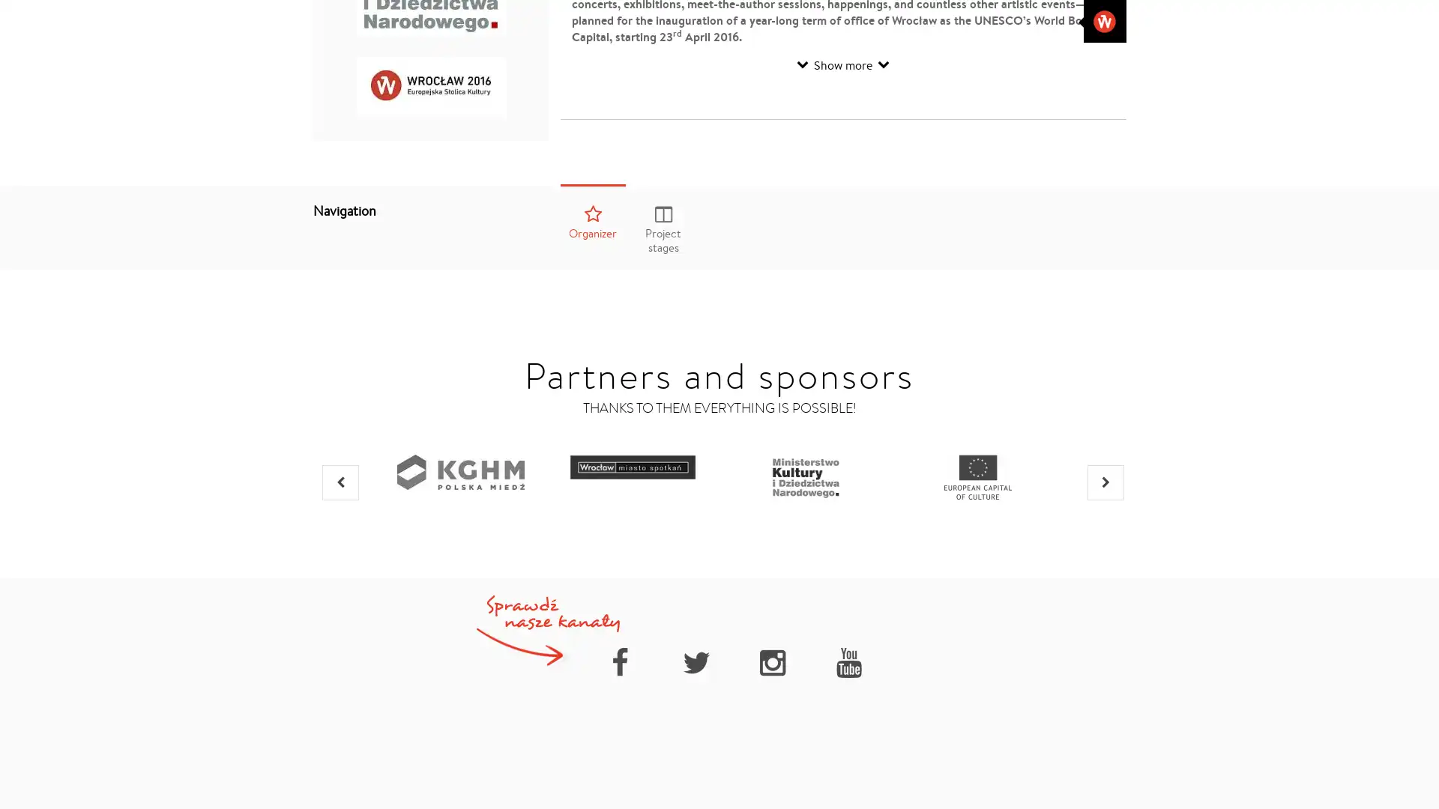  Describe the element at coordinates (842, 64) in the screenshot. I see `Show more` at that location.